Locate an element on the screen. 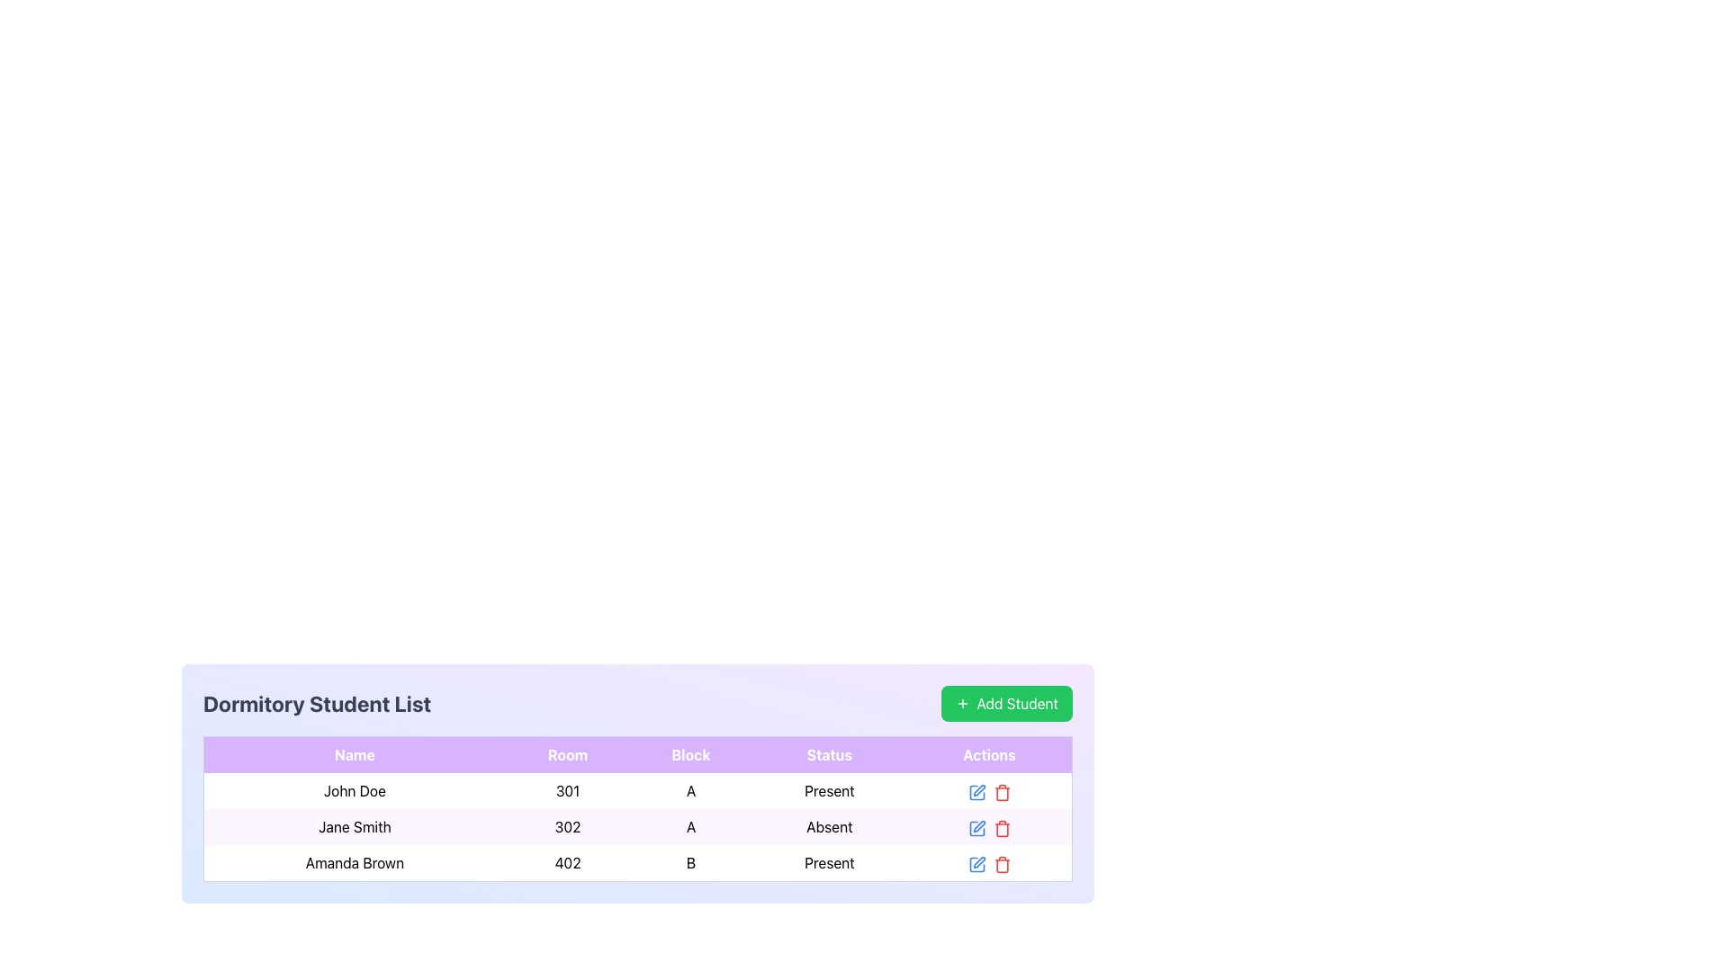 The width and height of the screenshot is (1728, 972). the trash icon button in the 'Actions' column is located at coordinates (1001, 791).